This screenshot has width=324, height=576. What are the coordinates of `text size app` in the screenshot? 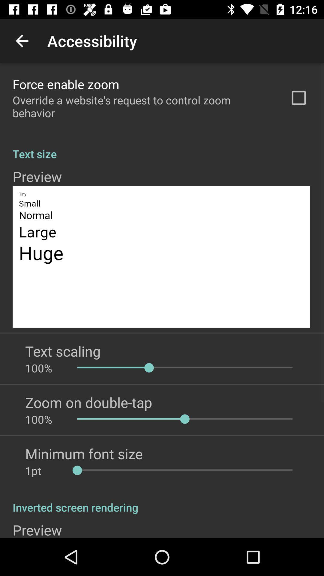 It's located at (162, 147).